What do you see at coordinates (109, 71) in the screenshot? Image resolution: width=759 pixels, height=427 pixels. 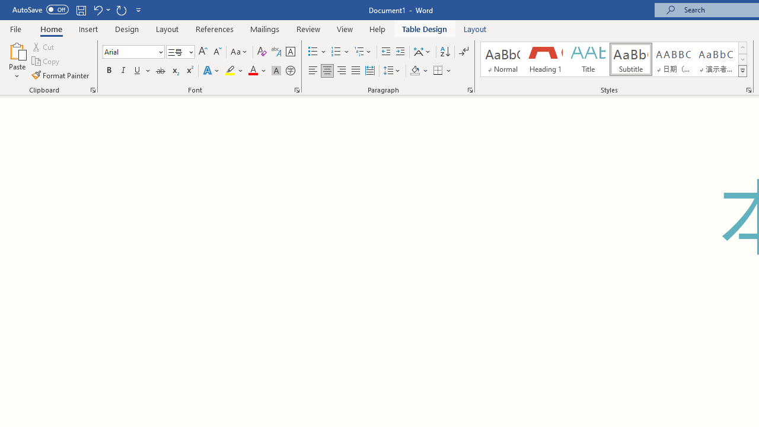 I see `'Bold'` at bounding box center [109, 71].